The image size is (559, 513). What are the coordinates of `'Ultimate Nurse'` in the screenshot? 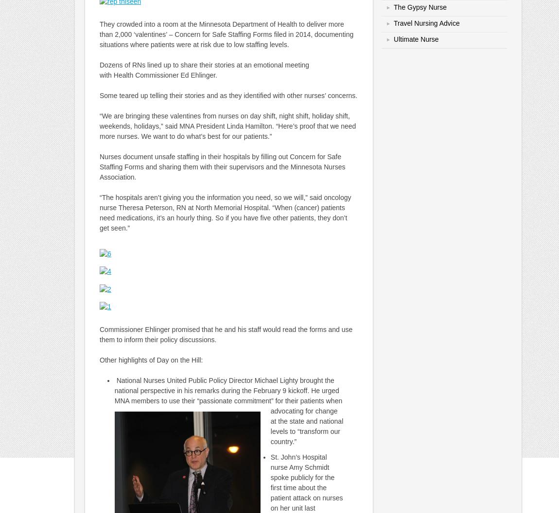 It's located at (393, 38).